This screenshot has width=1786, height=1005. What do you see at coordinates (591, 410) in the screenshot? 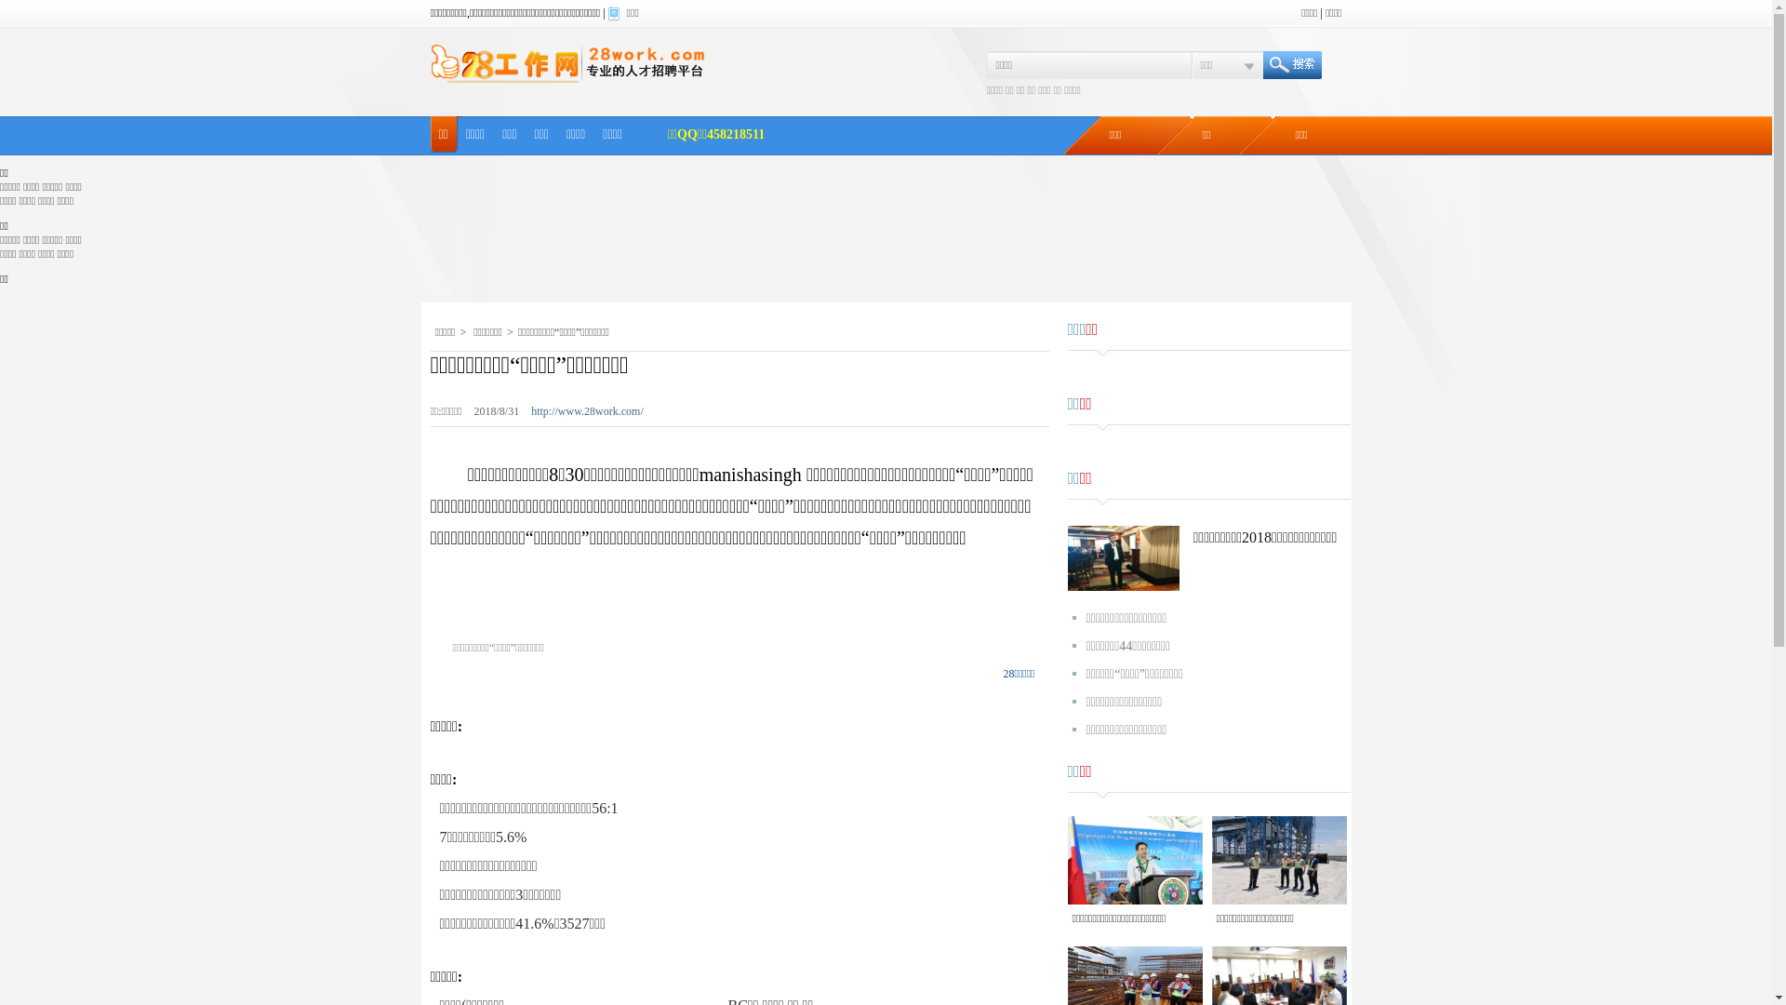
I see `'http://www.28work.com/'` at bounding box center [591, 410].